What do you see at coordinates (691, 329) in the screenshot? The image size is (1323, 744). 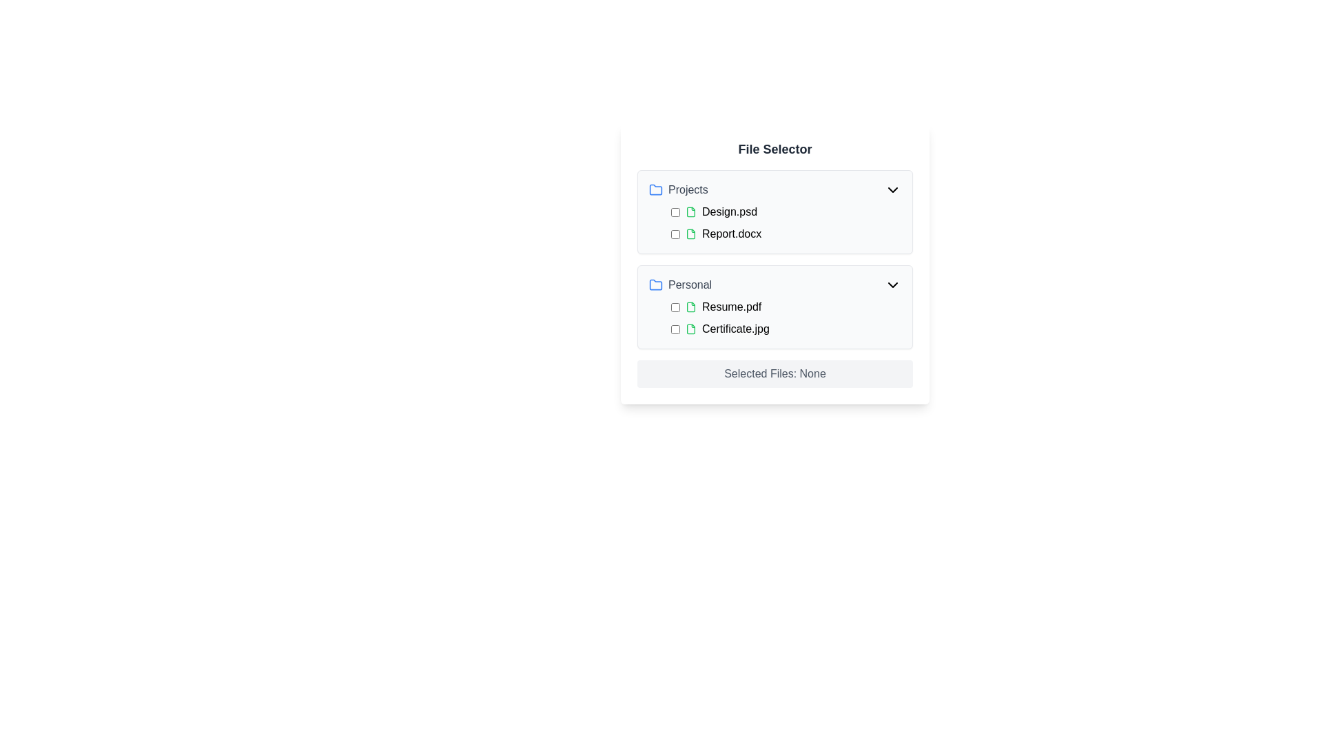 I see `the file document icon with a green outline representing 'Certificate.jpg' located in the 'Personal' section of the file selector interface` at bounding box center [691, 329].